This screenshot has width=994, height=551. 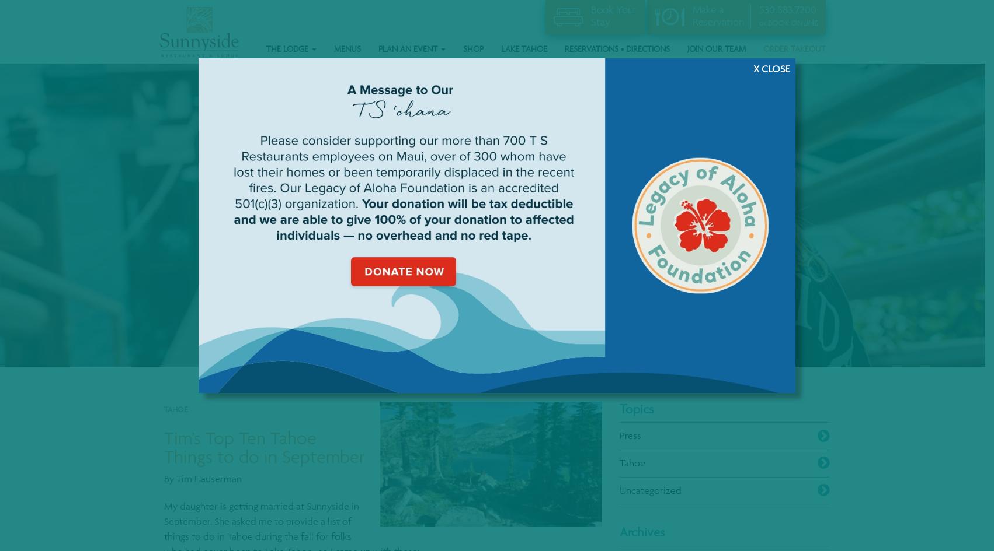 What do you see at coordinates (408, 47) in the screenshot?
I see `'Plan an Event'` at bounding box center [408, 47].